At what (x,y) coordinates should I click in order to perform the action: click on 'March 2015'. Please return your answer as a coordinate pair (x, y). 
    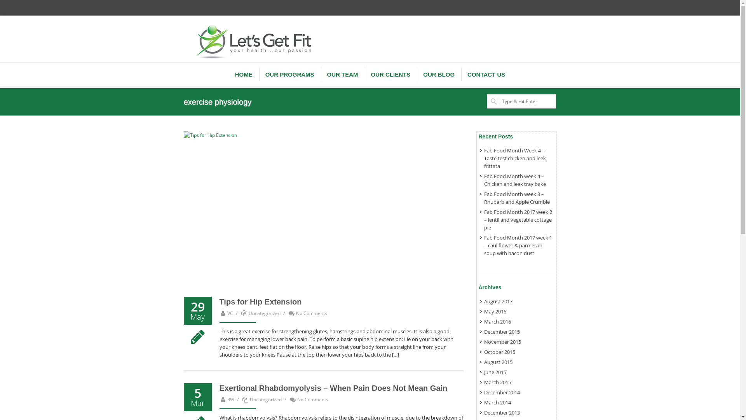
    Looking at the image, I should click on (495, 382).